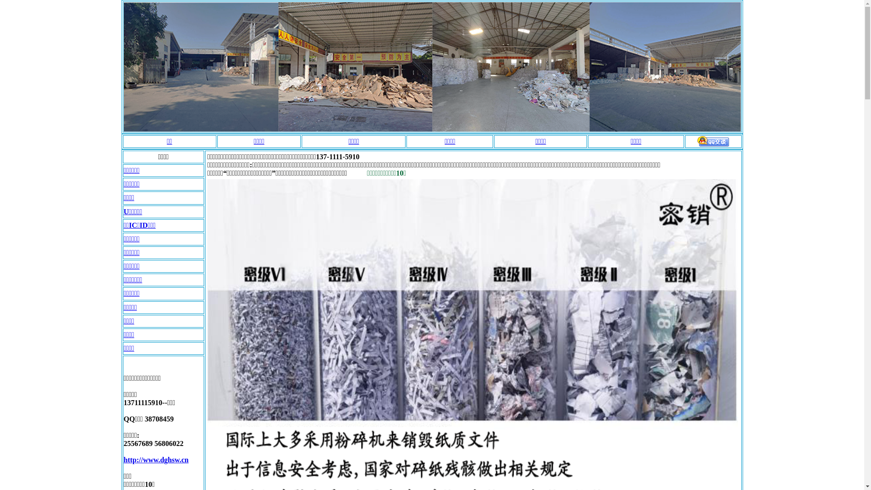 Image resolution: width=871 pixels, height=490 pixels. What do you see at coordinates (123, 460) in the screenshot?
I see `'http://www.dghsw.cn'` at bounding box center [123, 460].